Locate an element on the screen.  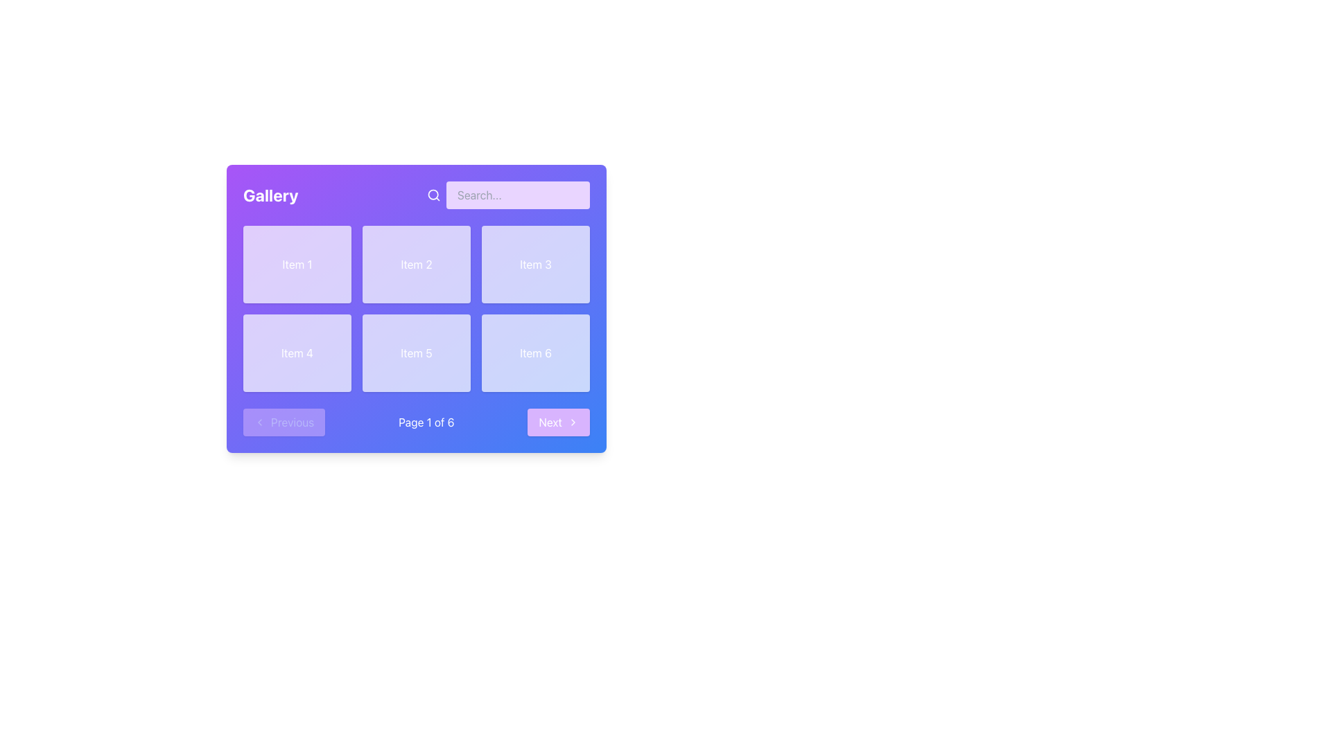
the static text label reading 'Page 1 of 6', which is centered in the bottom navigation bar between the 'Previous' and 'Next' buttons is located at coordinates (426, 421).